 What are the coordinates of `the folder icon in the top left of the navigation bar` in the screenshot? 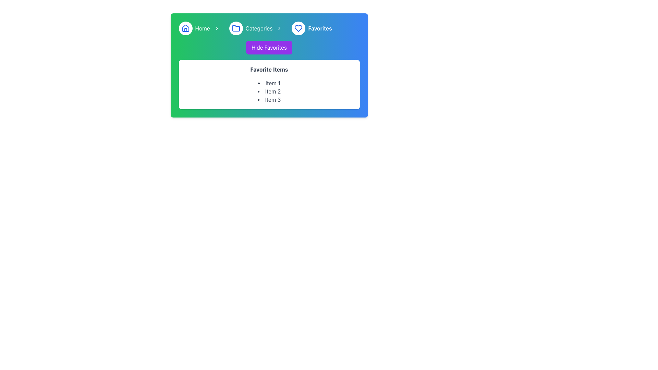 It's located at (236, 28).